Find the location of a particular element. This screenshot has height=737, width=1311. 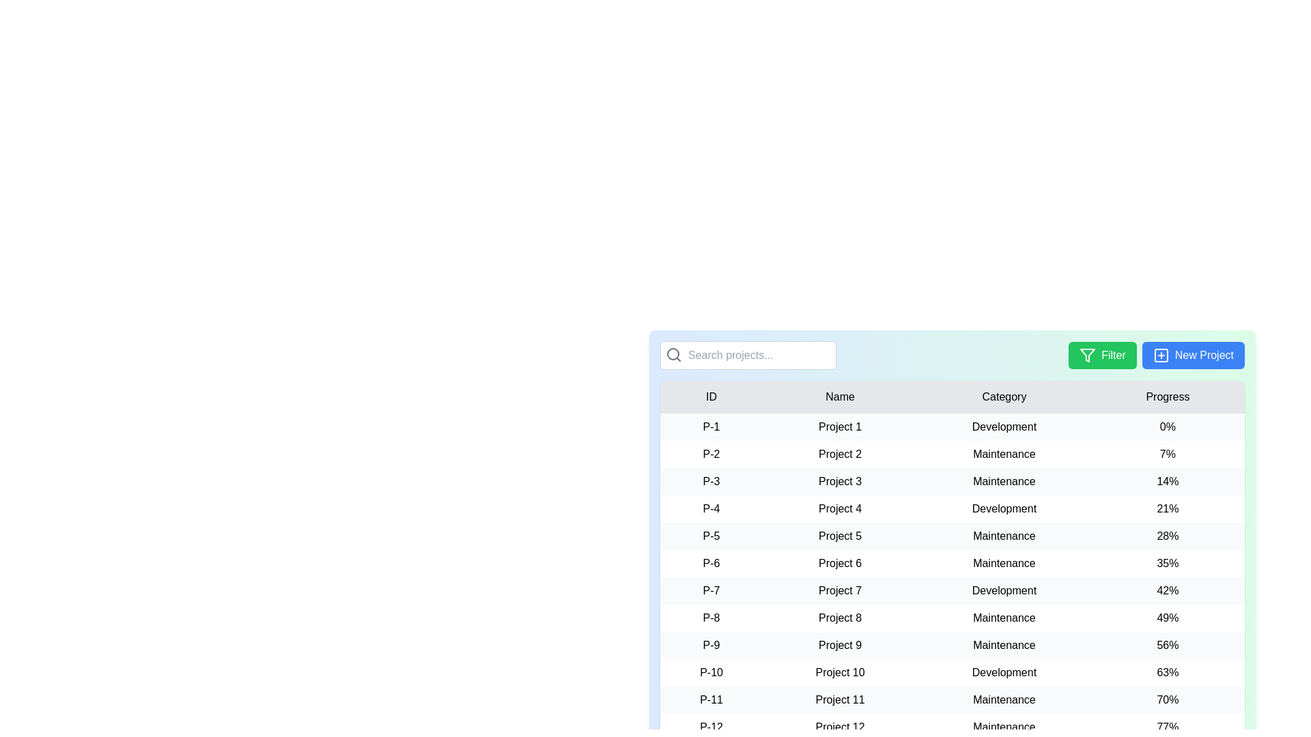

the column header to sort the table by Name is located at coordinates (838, 397).